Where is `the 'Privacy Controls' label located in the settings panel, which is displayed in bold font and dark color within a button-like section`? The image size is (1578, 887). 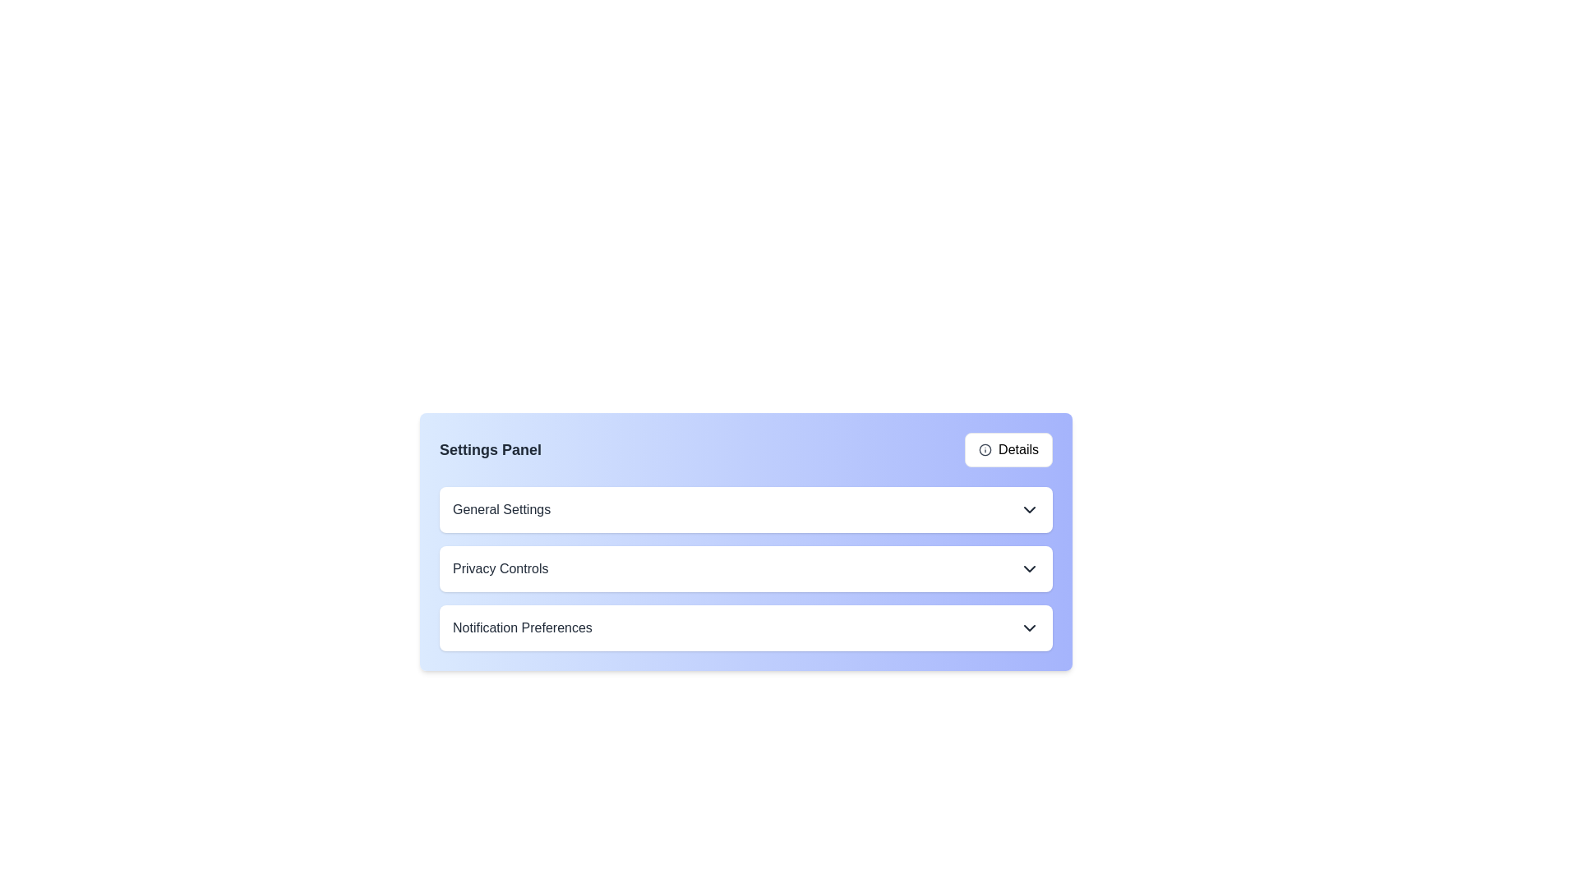 the 'Privacy Controls' label located in the settings panel, which is displayed in bold font and dark color within a button-like section is located at coordinates (500, 568).